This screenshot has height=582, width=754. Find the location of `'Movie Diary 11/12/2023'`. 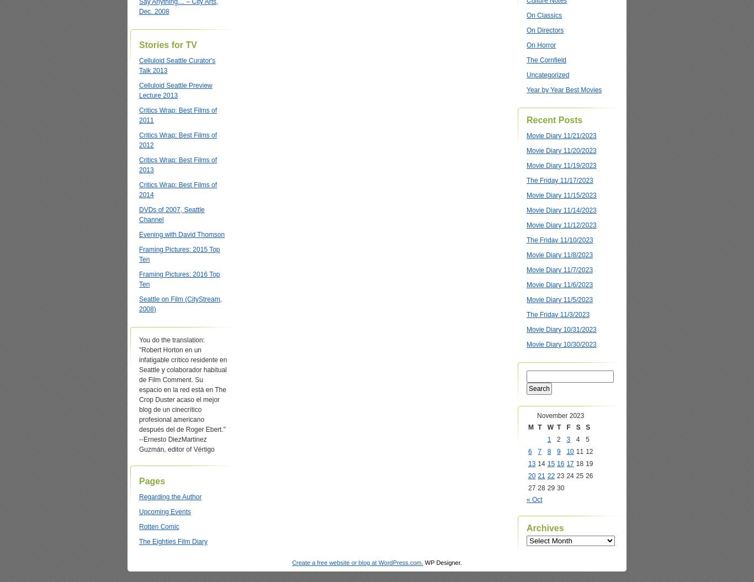

'Movie Diary 11/12/2023' is located at coordinates (561, 225).